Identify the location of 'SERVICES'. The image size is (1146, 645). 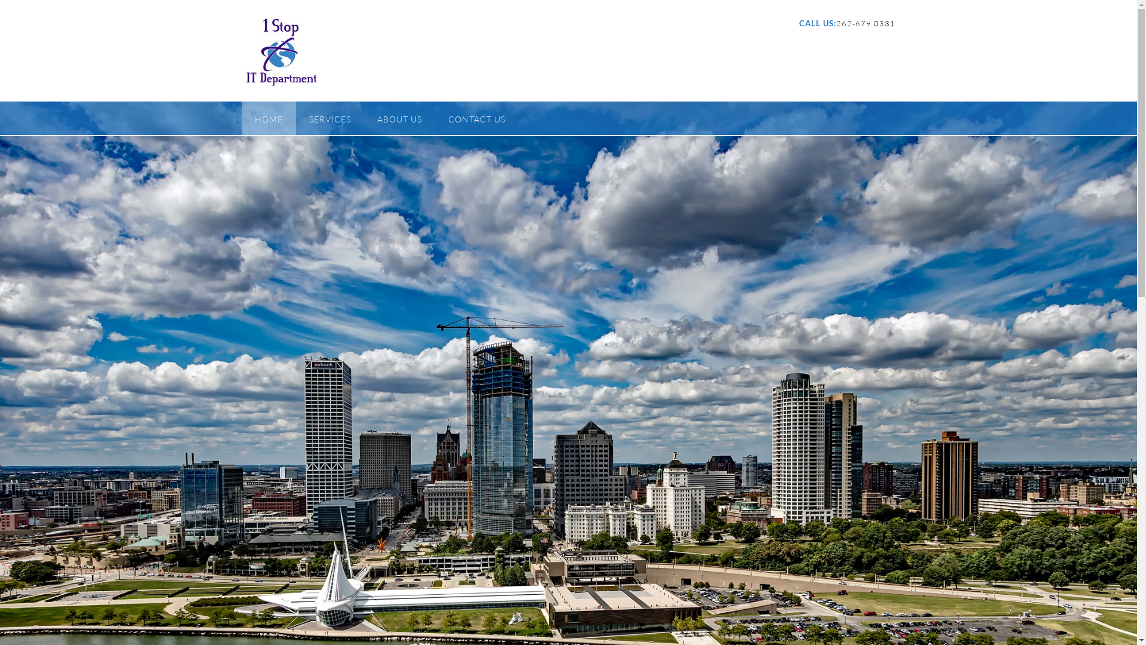
(329, 118).